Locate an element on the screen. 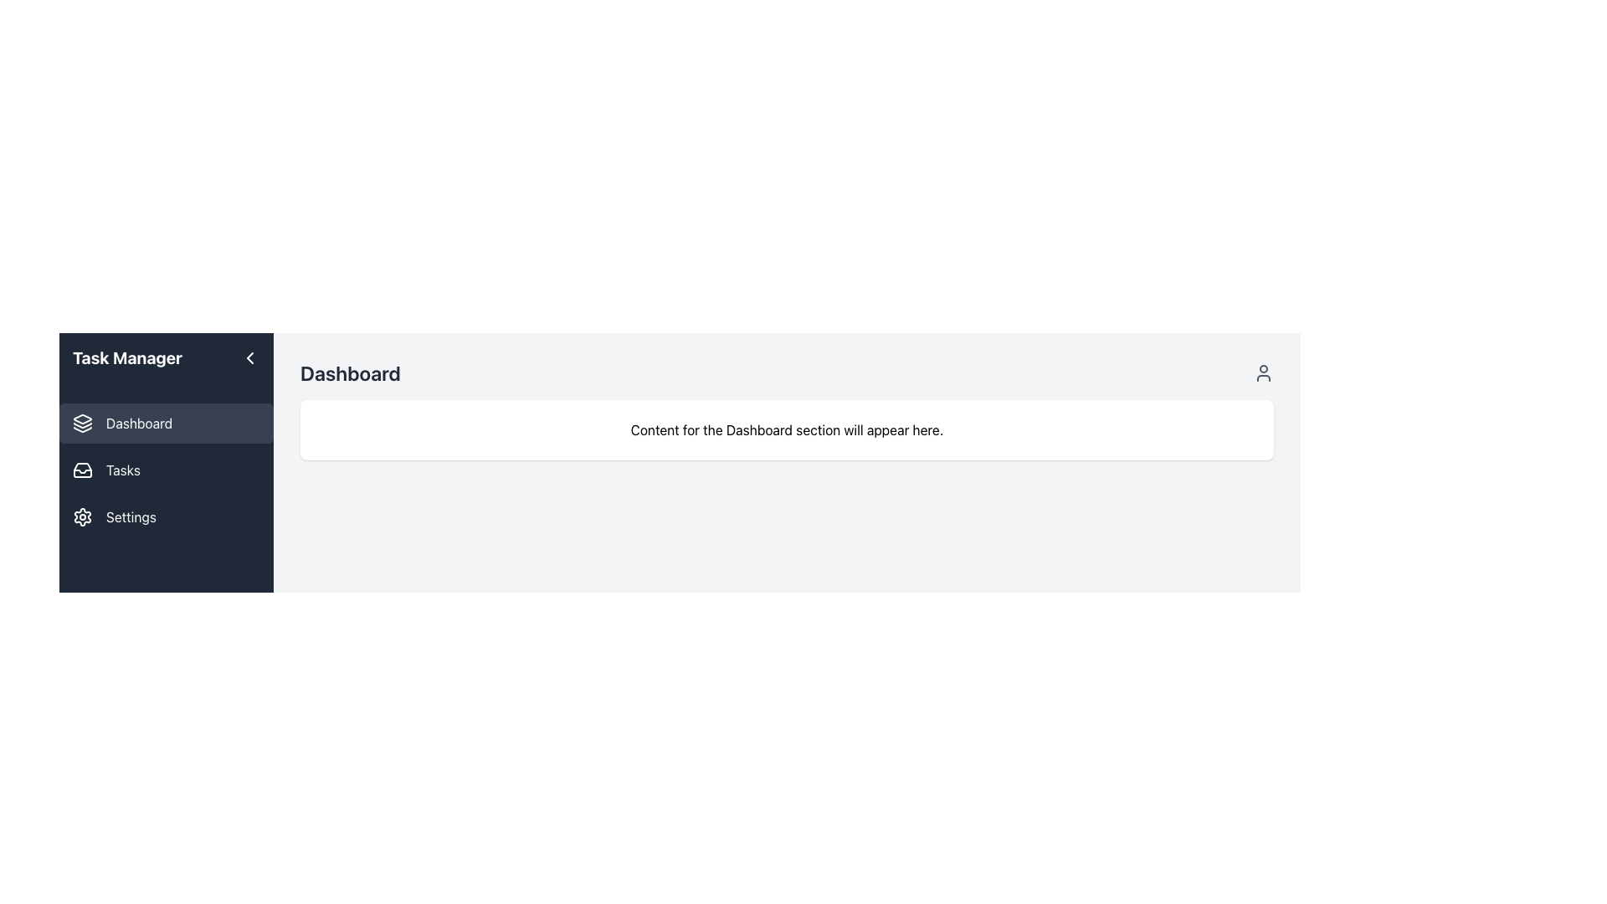 The image size is (1607, 904). the 'Dashboard' text label, which is a large, bold, dark gray heading located in the top left corner of the white content area is located at coordinates (349, 372).